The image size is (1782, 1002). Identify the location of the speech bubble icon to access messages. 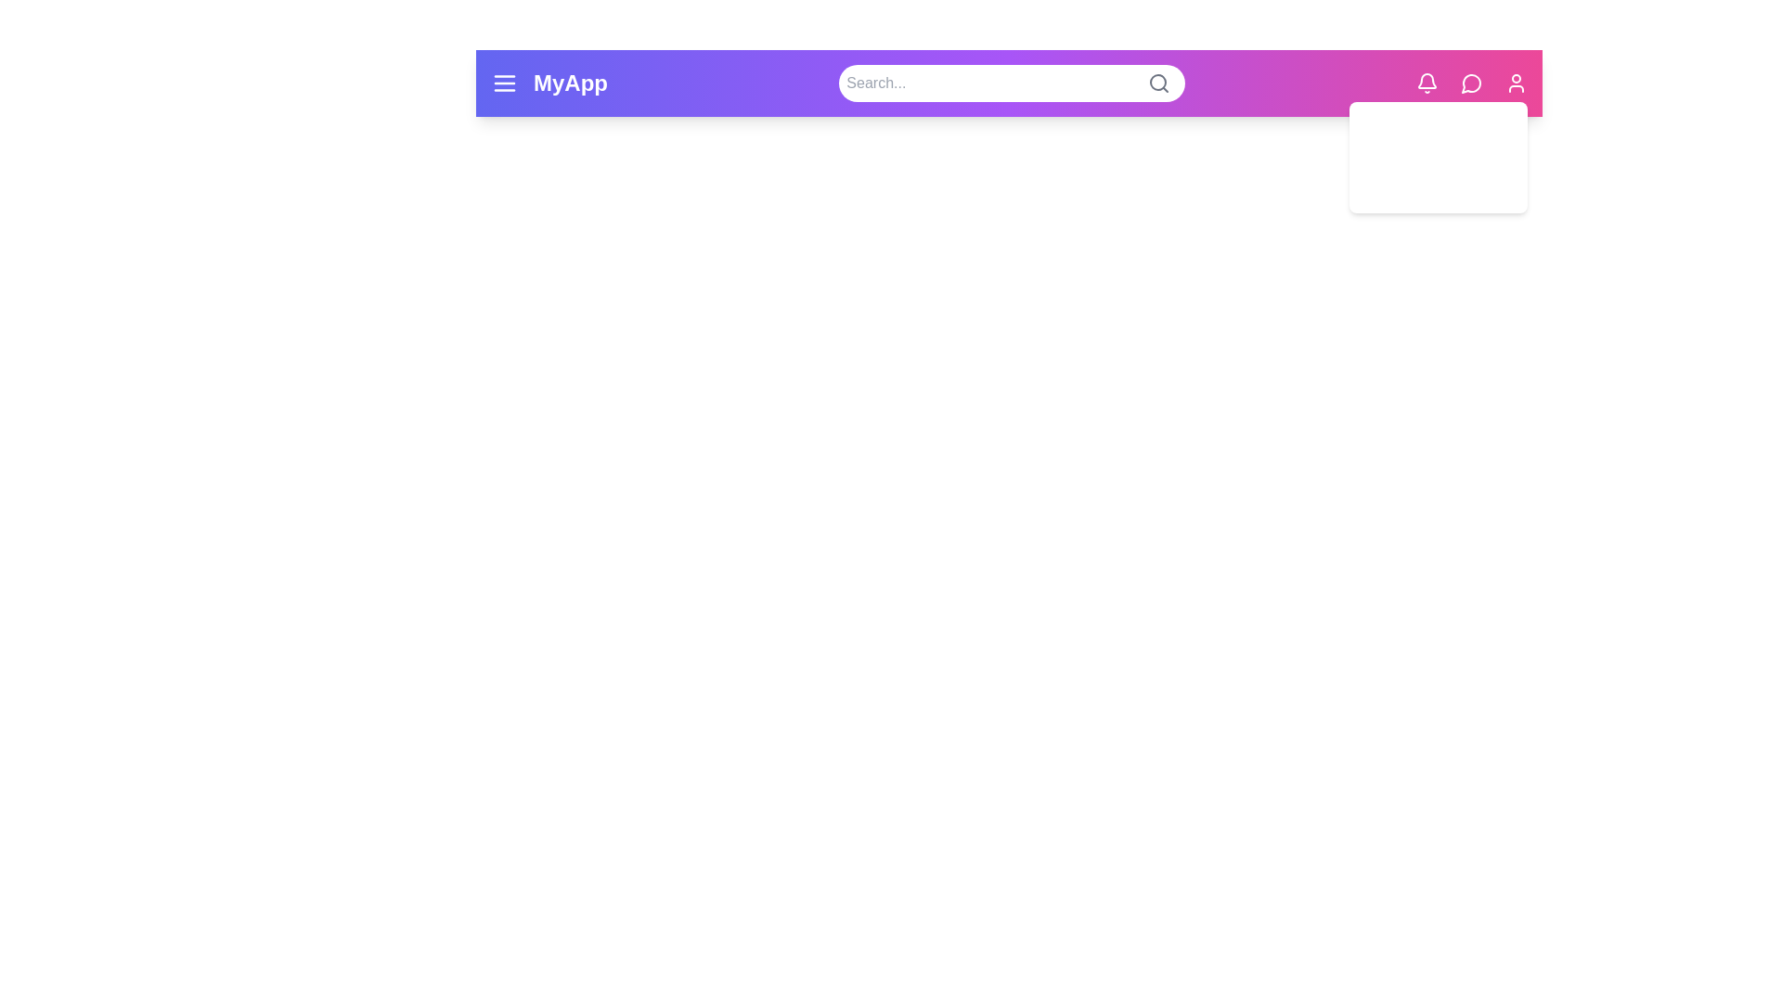
(1470, 82).